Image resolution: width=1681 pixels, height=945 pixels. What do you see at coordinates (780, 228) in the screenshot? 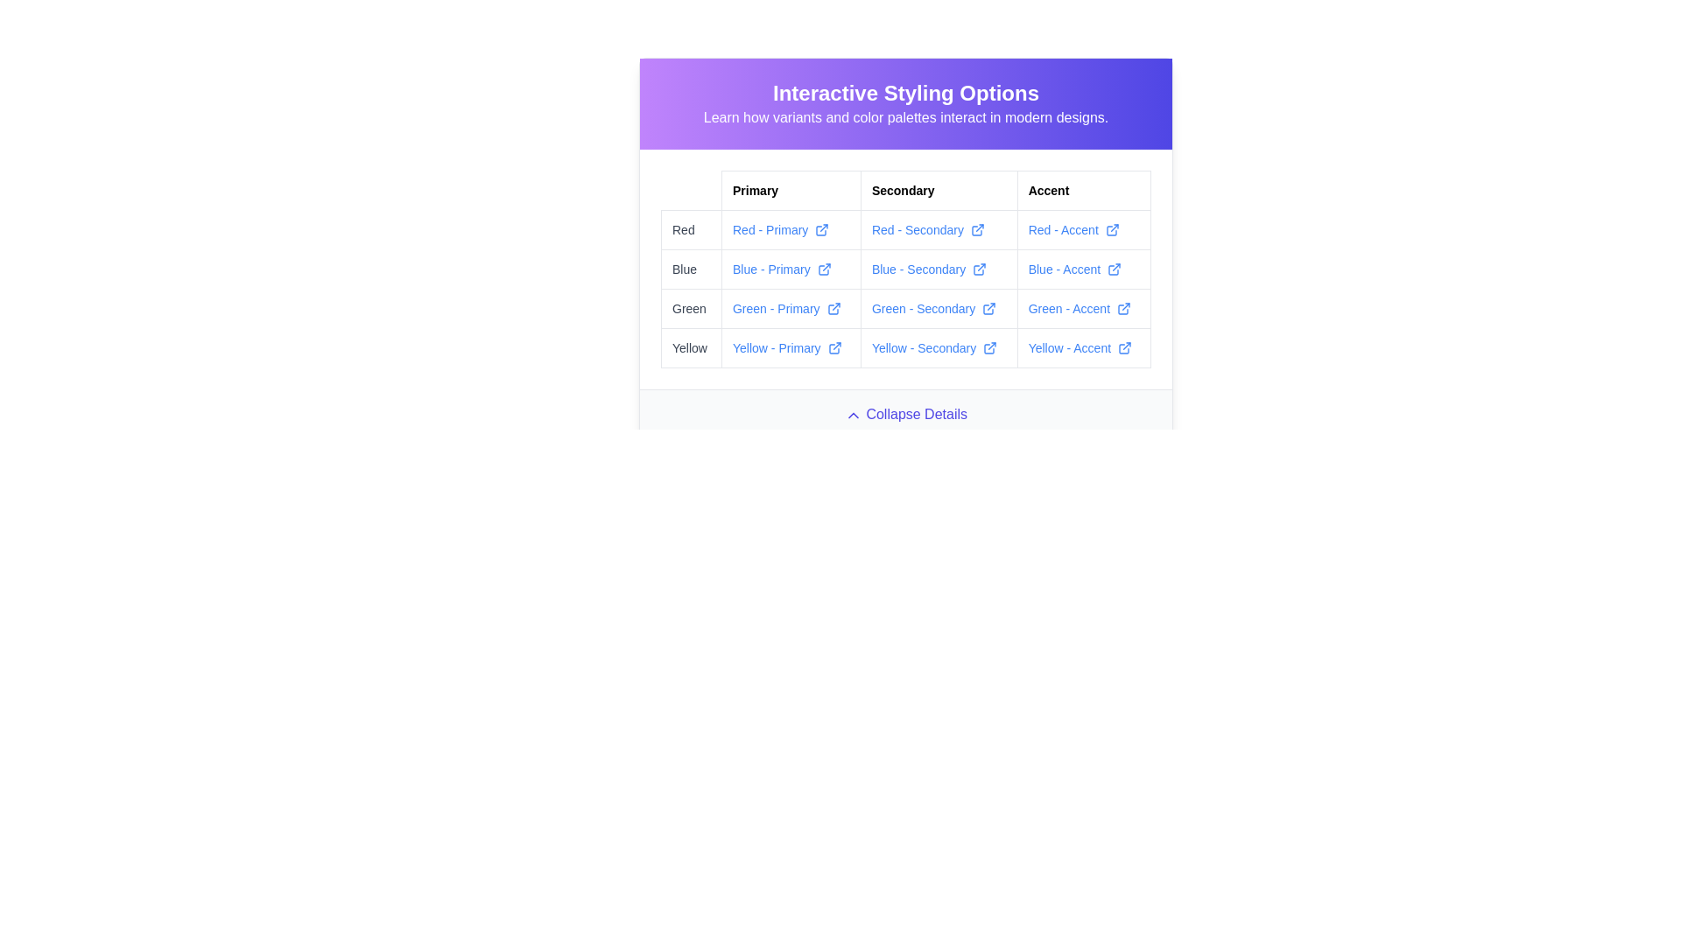
I see `the hyperlink in the first row and second column of the table under the 'Primary' column header` at bounding box center [780, 228].